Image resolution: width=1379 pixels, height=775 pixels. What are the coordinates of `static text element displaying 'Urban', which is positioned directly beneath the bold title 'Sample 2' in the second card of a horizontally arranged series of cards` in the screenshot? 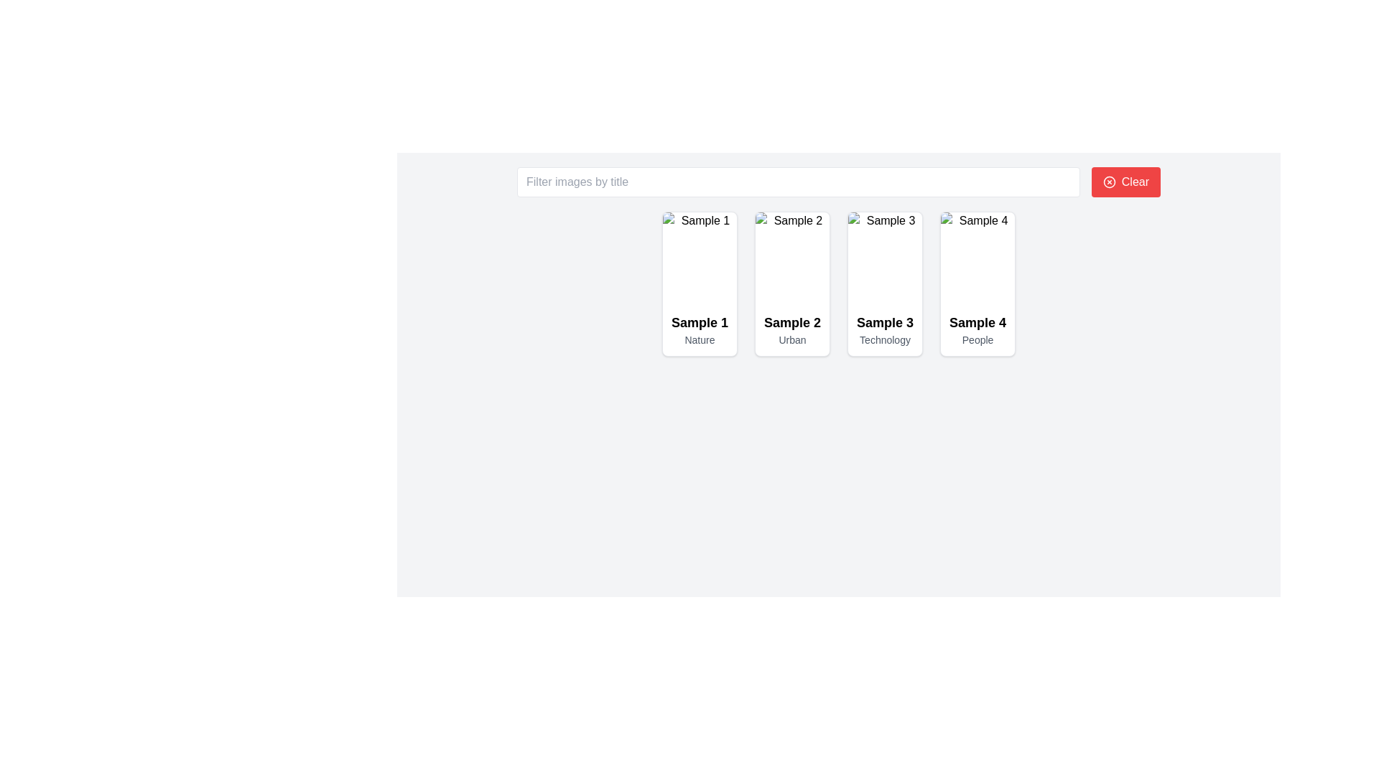 It's located at (791, 340).